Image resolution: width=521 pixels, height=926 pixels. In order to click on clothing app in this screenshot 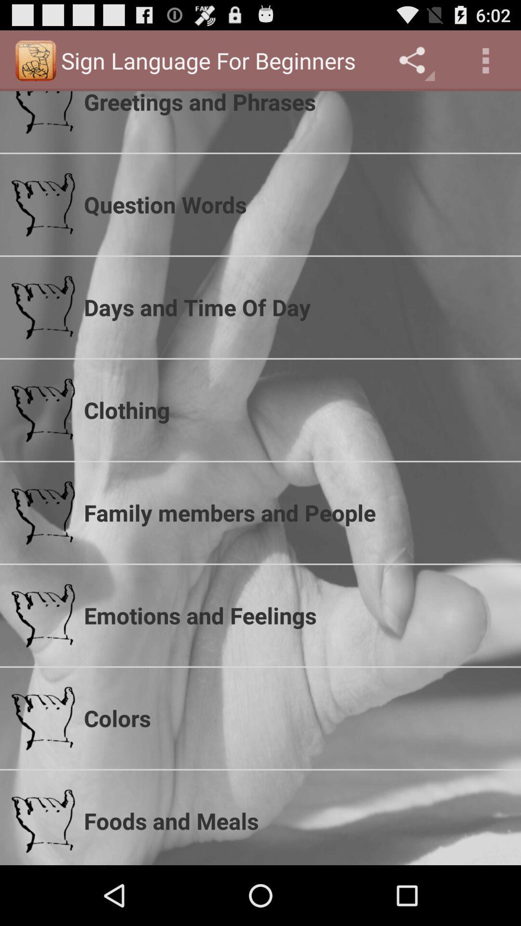, I will do `click(296, 410)`.